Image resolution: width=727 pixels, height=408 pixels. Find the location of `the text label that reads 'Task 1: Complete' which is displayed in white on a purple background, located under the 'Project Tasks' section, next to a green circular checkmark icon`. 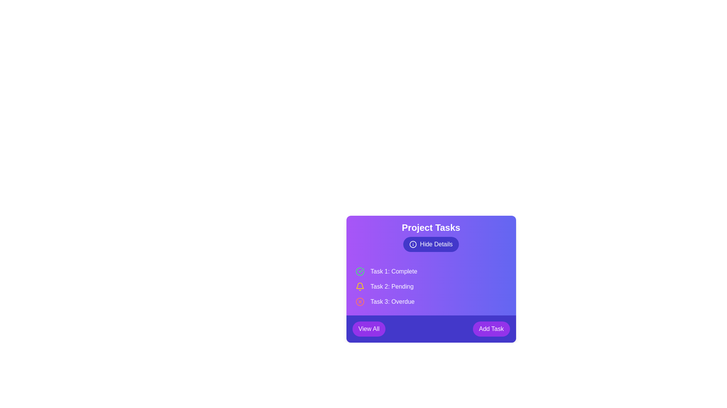

the text label that reads 'Task 1: Complete' which is displayed in white on a purple background, located under the 'Project Tasks' section, next to a green circular checkmark icon is located at coordinates (394, 271).